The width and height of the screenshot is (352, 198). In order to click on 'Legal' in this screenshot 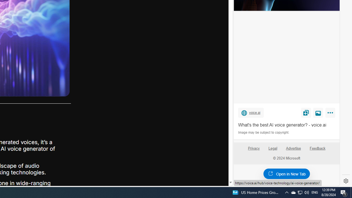, I will do `click(273, 148)`.